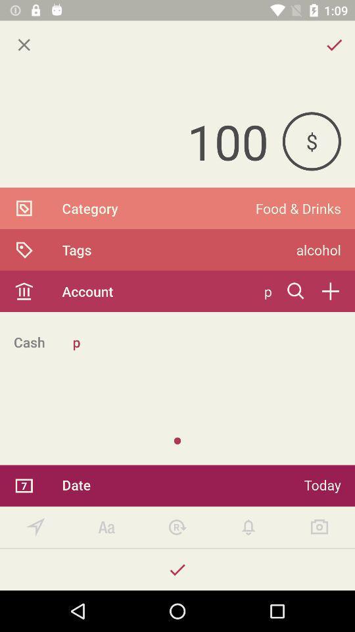 The width and height of the screenshot is (355, 632). I want to click on the icon above the food & drinks item, so click(311, 141).